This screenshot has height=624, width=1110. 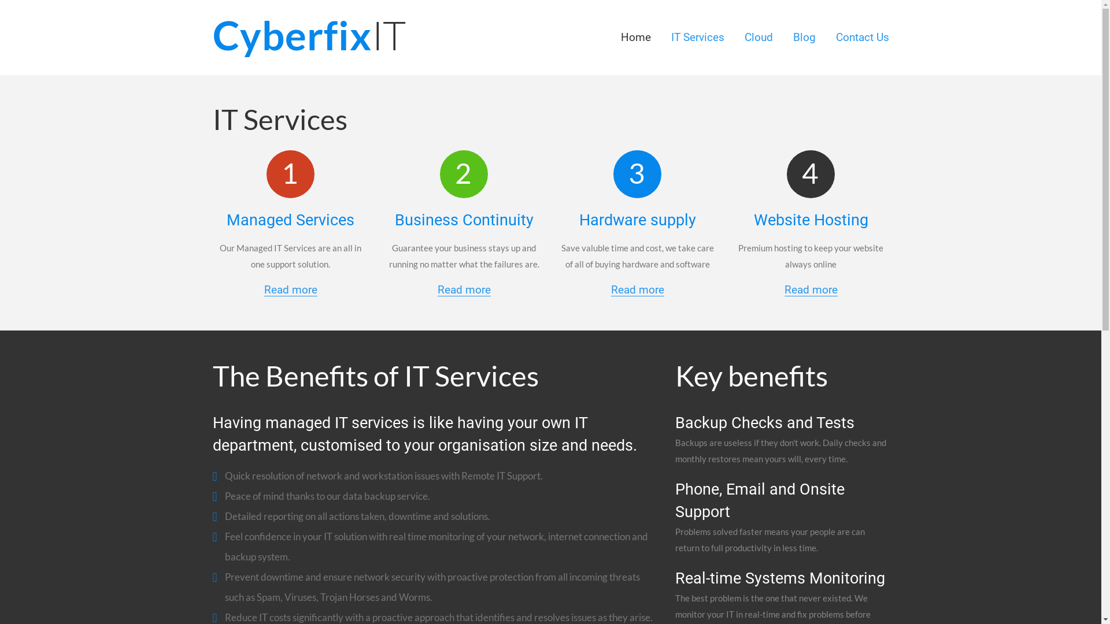 What do you see at coordinates (863, 36) in the screenshot?
I see `'Contact Us'` at bounding box center [863, 36].